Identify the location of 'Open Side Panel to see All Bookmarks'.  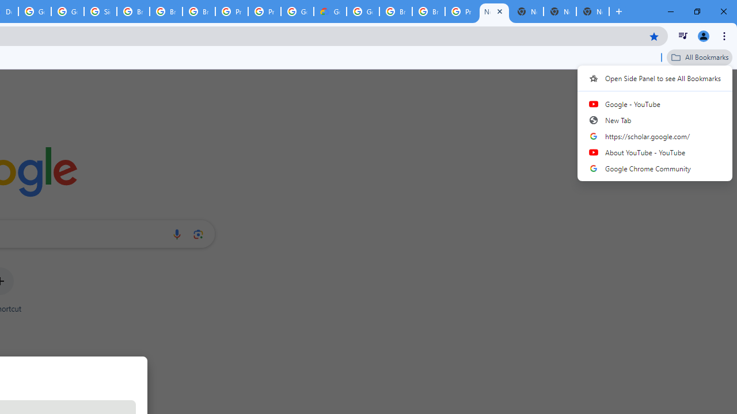
(655, 78).